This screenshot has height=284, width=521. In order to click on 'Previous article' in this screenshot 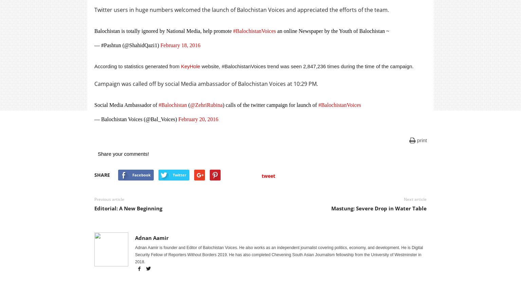, I will do `click(109, 199)`.